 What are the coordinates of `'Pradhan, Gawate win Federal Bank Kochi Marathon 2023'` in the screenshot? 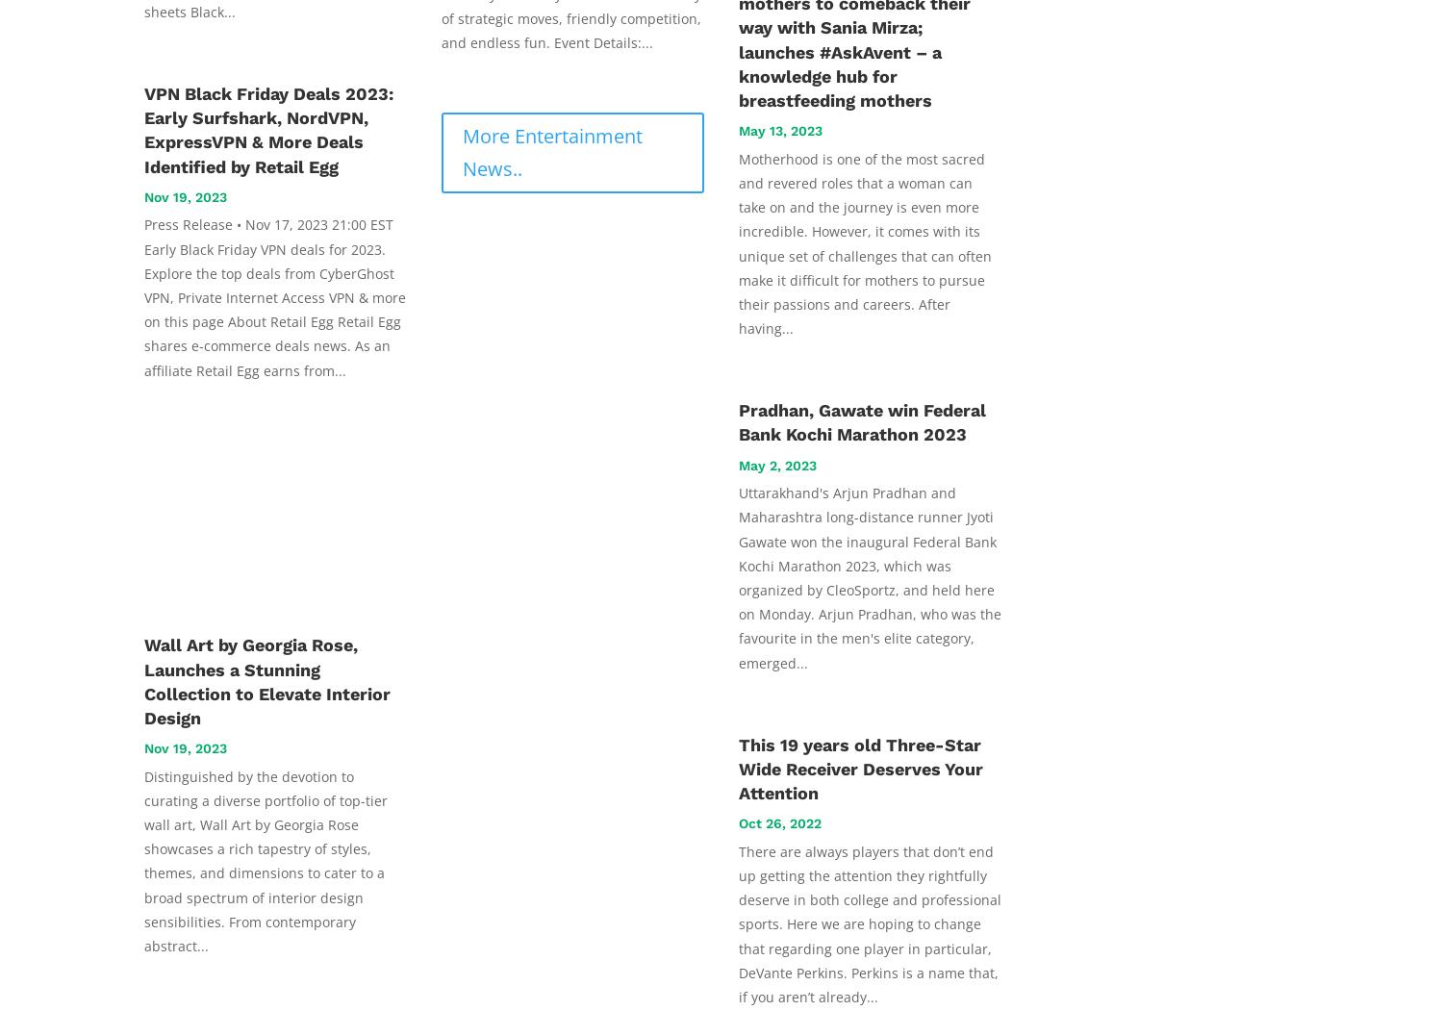 It's located at (862, 422).